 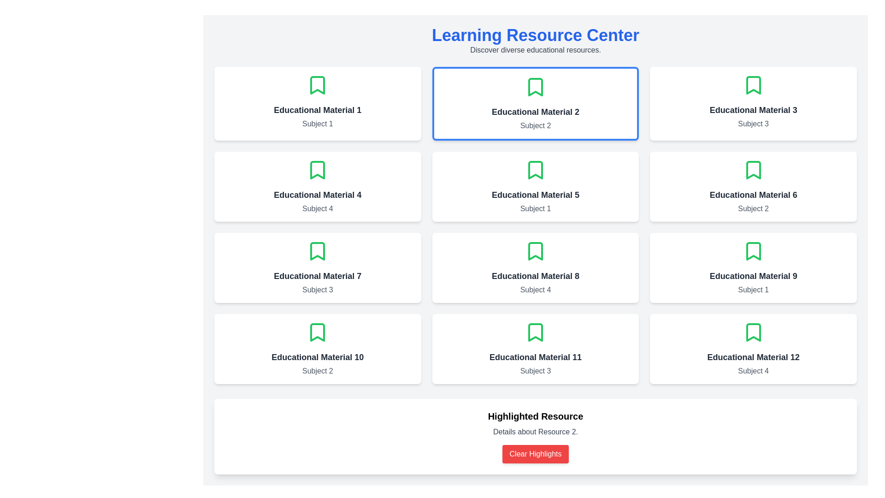 I want to click on the green bookmark icon located at the top-middle of the card labeled 'Educational Material 1' with the subtitle 'Subject 1', so click(x=318, y=85).